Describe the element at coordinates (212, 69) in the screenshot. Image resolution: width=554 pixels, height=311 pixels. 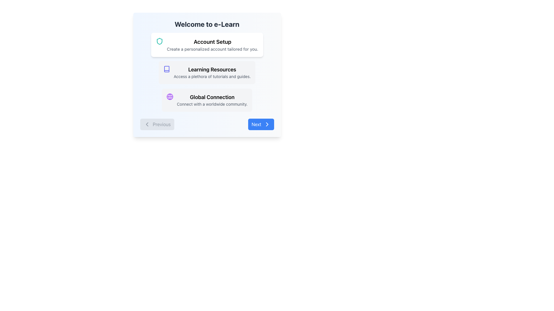
I see `the bold text label reading 'Learning Resources', which is positioned centrally below the 'Welcome to e-Learn' header and above the 'Global Connection' option` at that location.